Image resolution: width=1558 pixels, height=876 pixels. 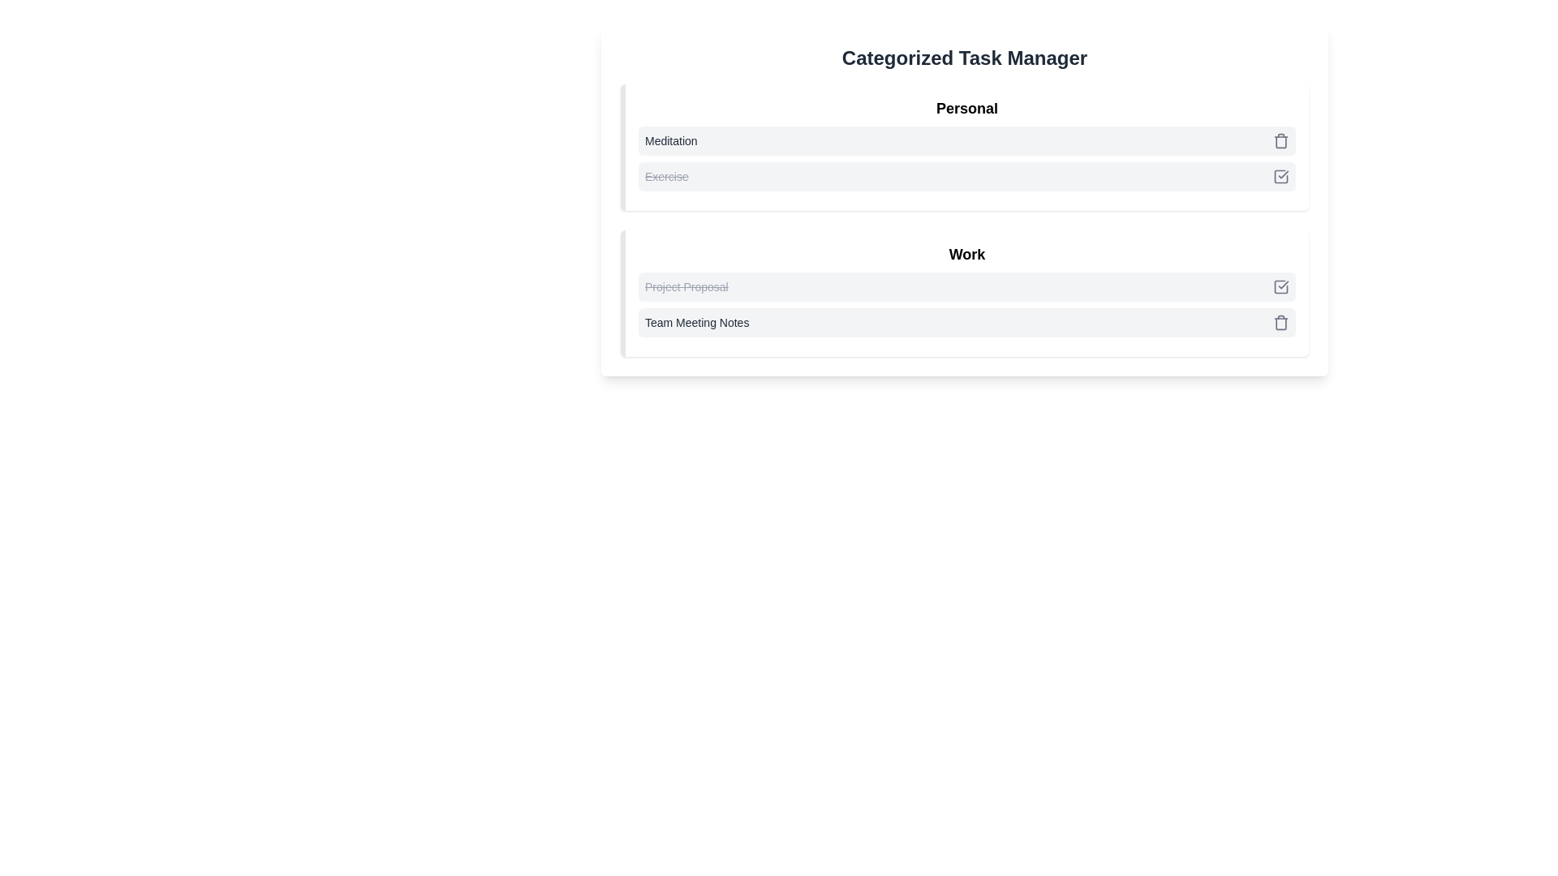 What do you see at coordinates (966, 177) in the screenshot?
I see `the 'Exercise' task entry in the 'Personal' section` at bounding box center [966, 177].